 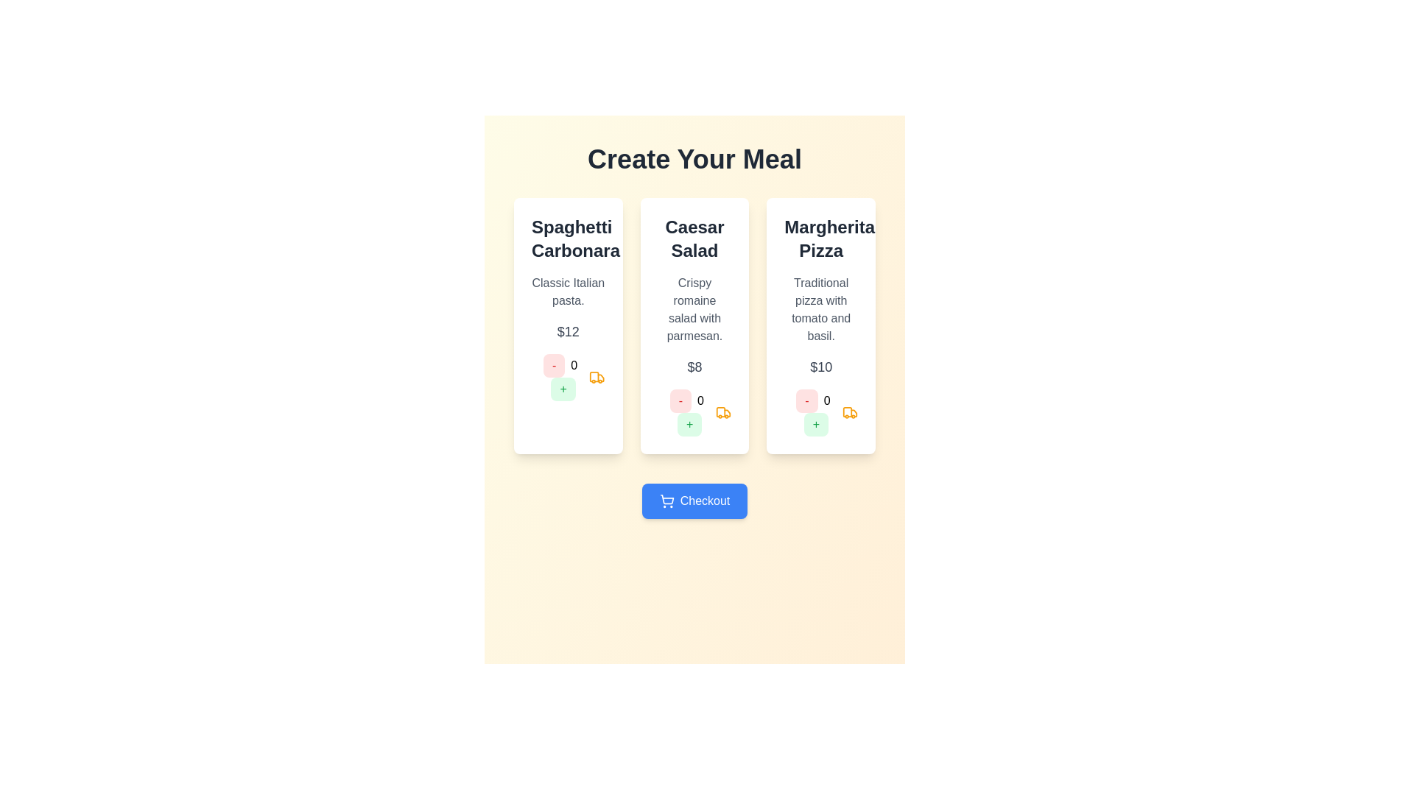 What do you see at coordinates (563, 388) in the screenshot?
I see `the increment button ('+') located in the lower section of the first card (Spaghetti Carbonara)` at bounding box center [563, 388].